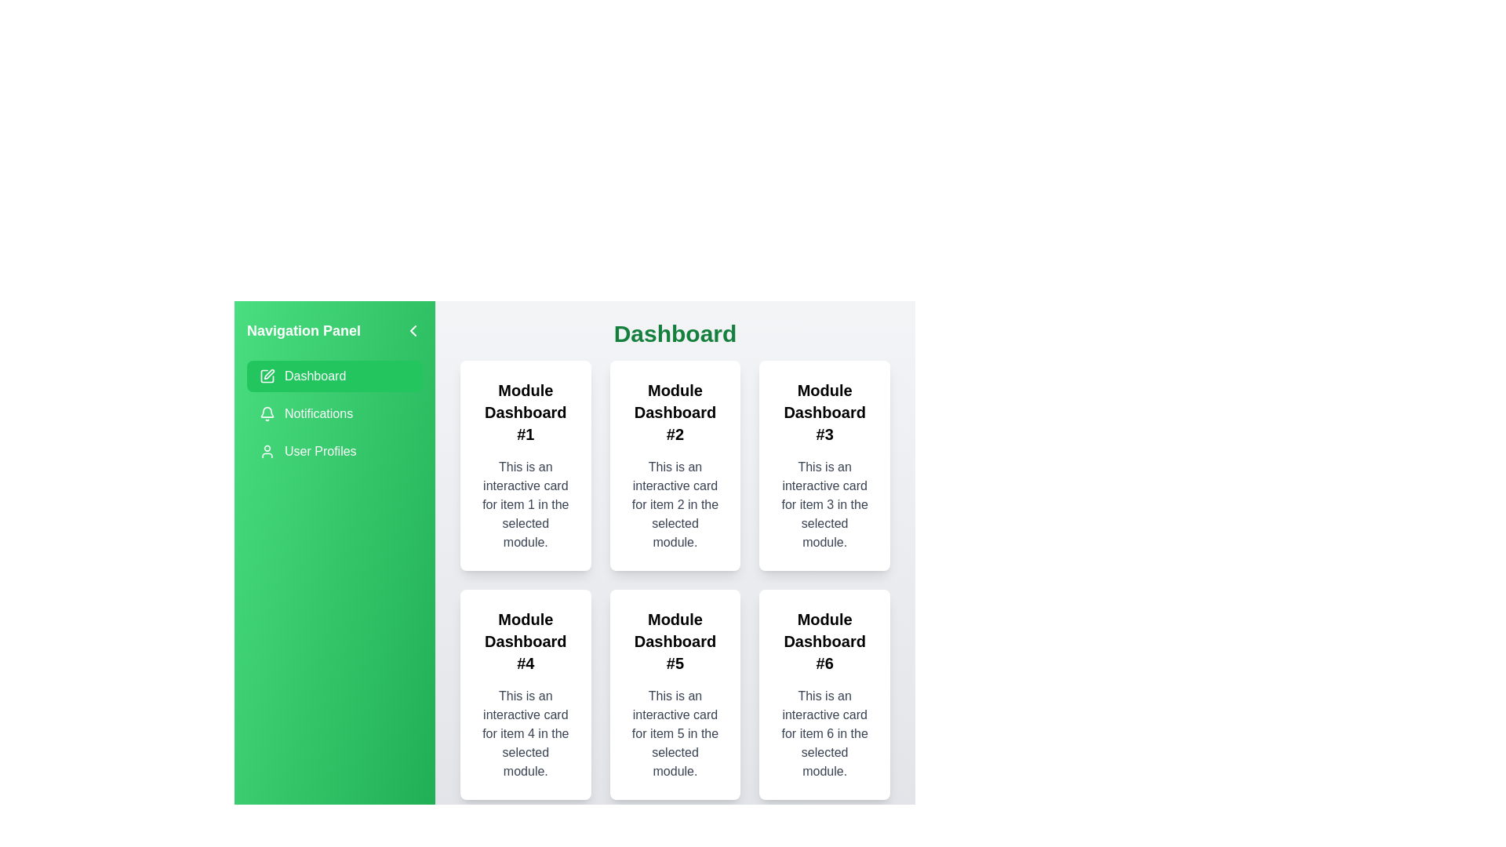 Image resolution: width=1506 pixels, height=847 pixels. I want to click on the module User Profiles from the navigation panel, so click(334, 451).